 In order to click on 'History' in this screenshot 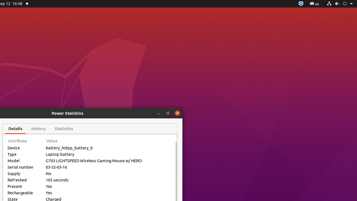, I will do `click(38, 129)`.